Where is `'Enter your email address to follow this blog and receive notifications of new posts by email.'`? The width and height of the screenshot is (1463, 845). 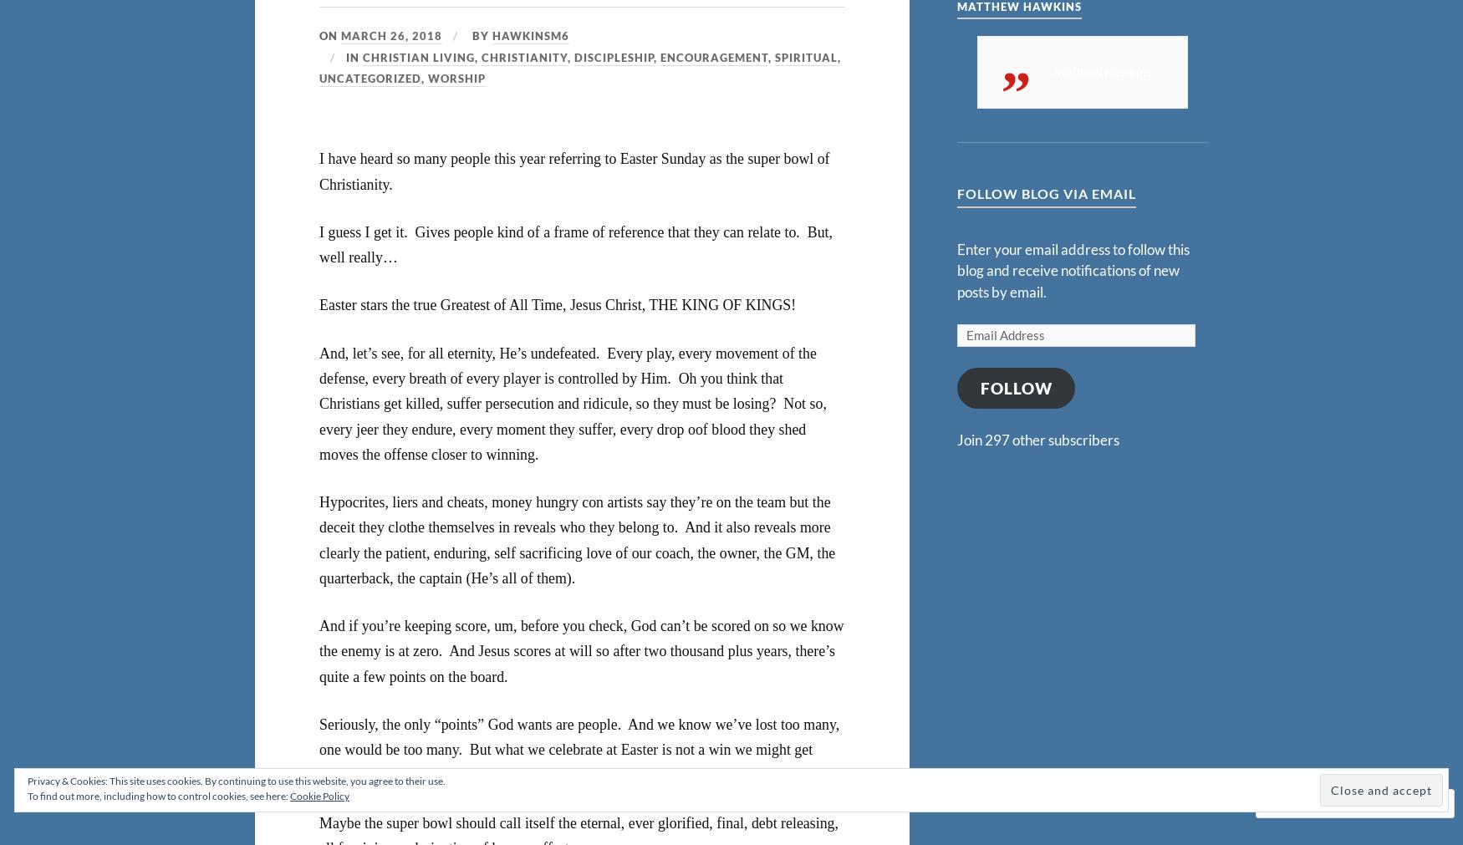
'Enter your email address to follow this blog and receive notifications of new posts by email.' is located at coordinates (1072, 270).